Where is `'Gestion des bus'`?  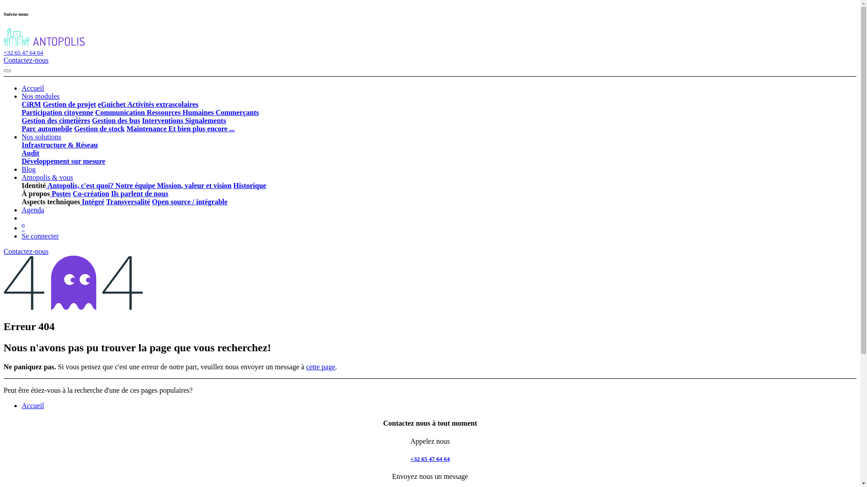
'Gestion des bus' is located at coordinates (92, 120).